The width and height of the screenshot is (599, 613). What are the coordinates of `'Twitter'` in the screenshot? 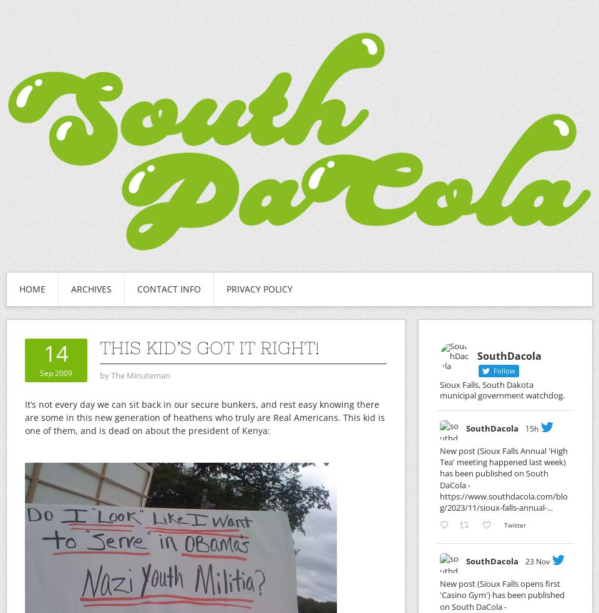 It's located at (503, 525).